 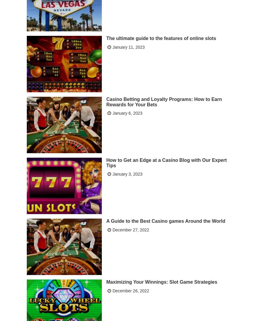 What do you see at coordinates (165, 220) in the screenshot?
I see `'A Guide to the Best Casino games Around the World'` at bounding box center [165, 220].